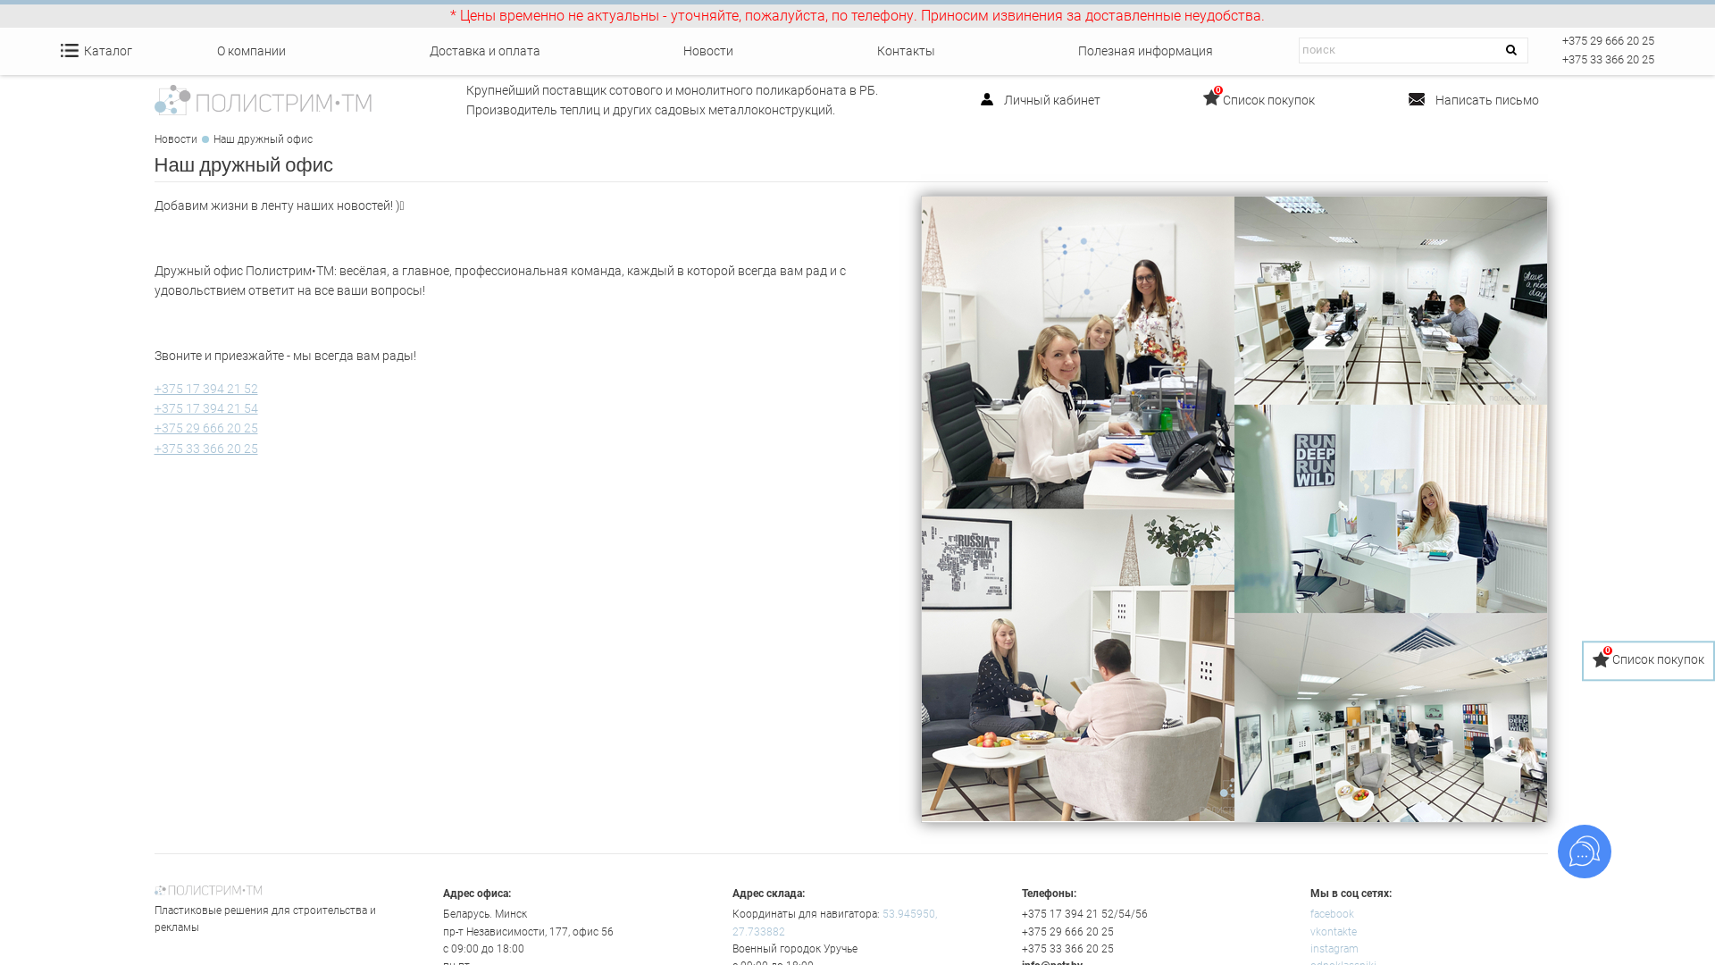  I want to click on '53.945950, 27.733882', so click(833, 922).